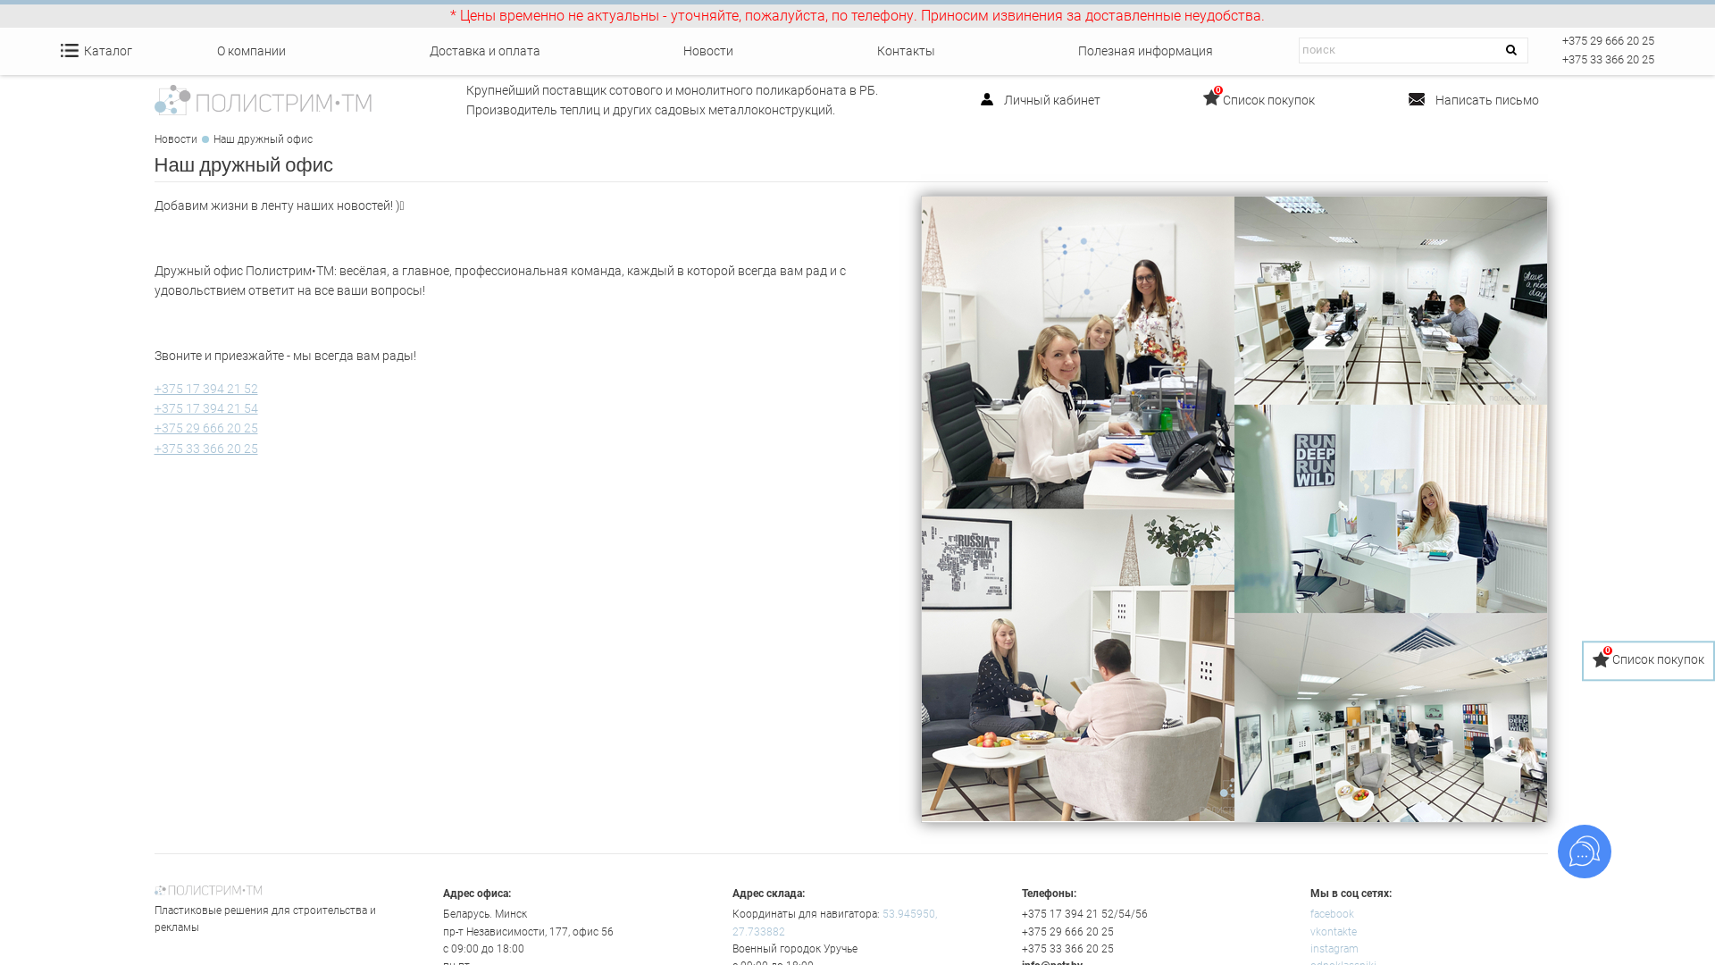  I want to click on '53.945950, 27.733882', so click(833, 922).